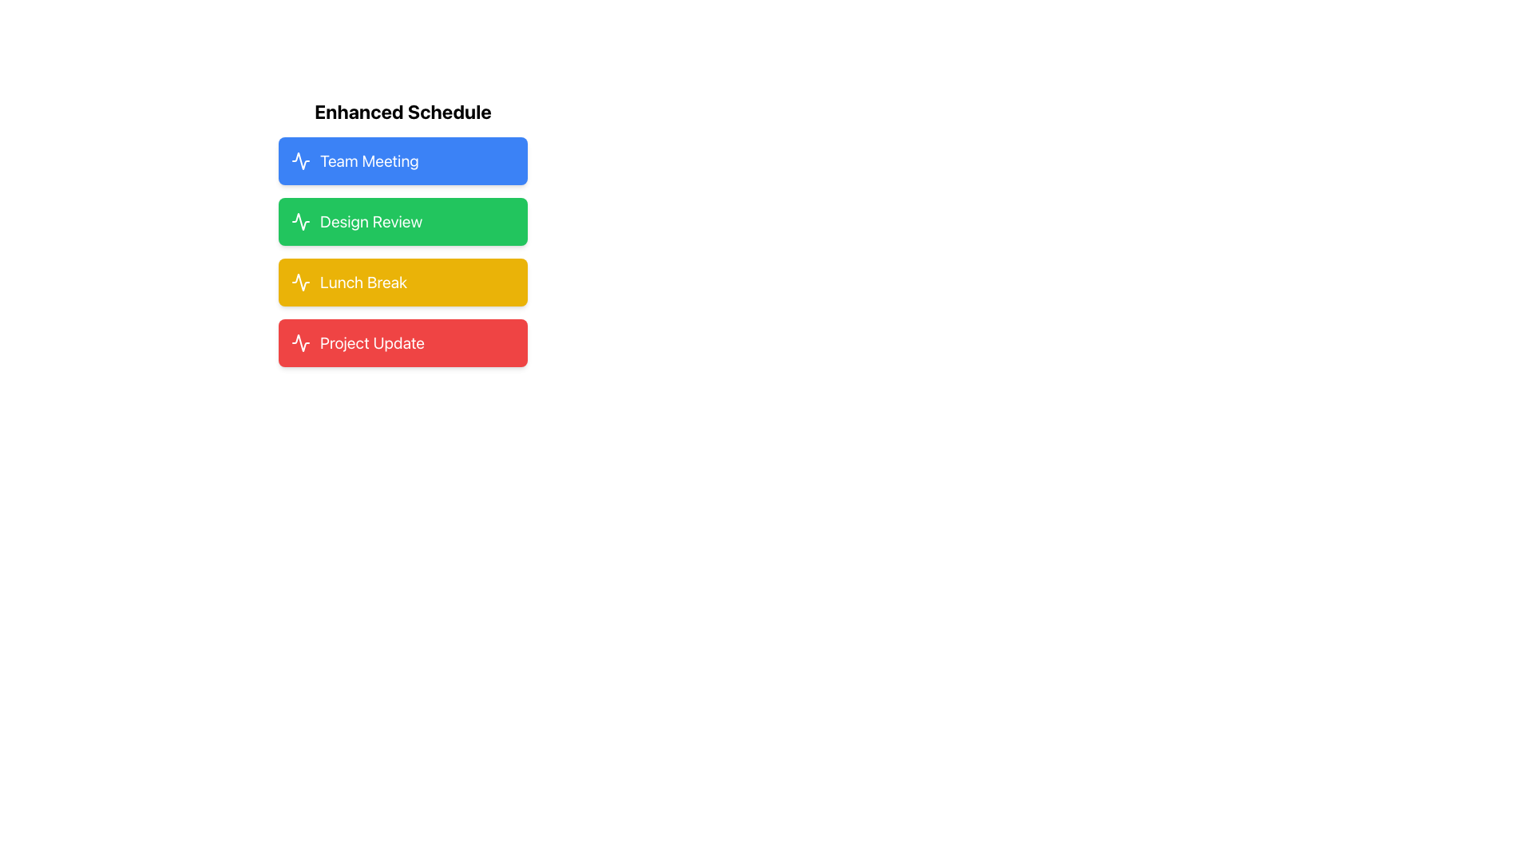 The width and height of the screenshot is (1533, 862). Describe the element at coordinates (402, 342) in the screenshot. I see `the 'Project Update' informative block located at the bottom of the task management interface, directly below the 'Lunch Break' section` at that location.